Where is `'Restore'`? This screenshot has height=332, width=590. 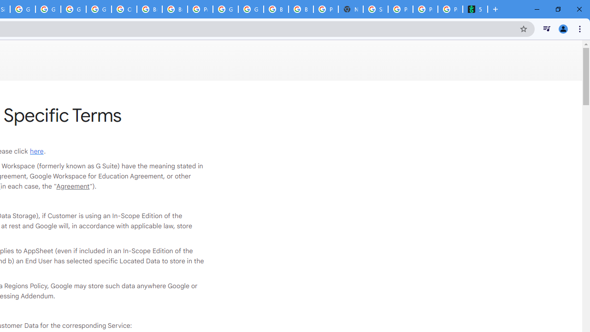
'Restore' is located at coordinates (557, 9).